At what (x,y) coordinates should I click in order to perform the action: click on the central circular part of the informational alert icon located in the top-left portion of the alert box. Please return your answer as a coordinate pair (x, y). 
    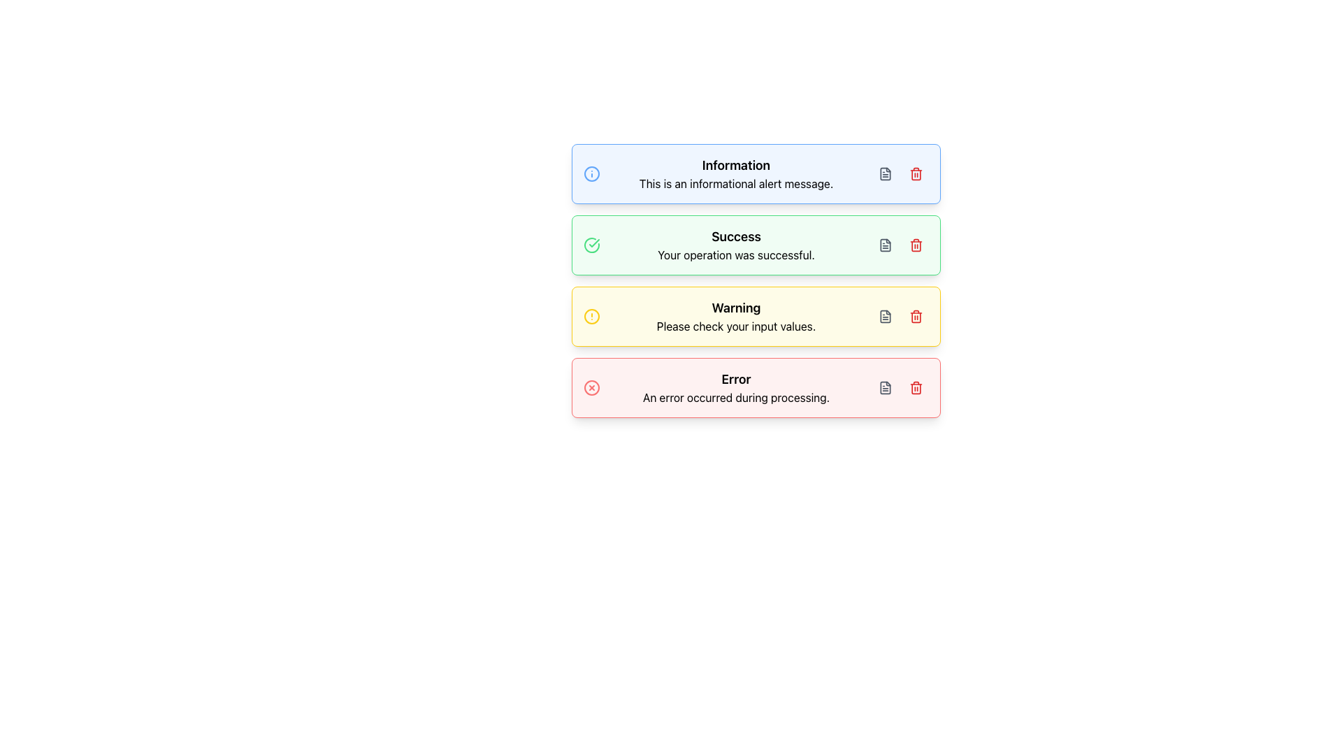
    Looking at the image, I should click on (591, 173).